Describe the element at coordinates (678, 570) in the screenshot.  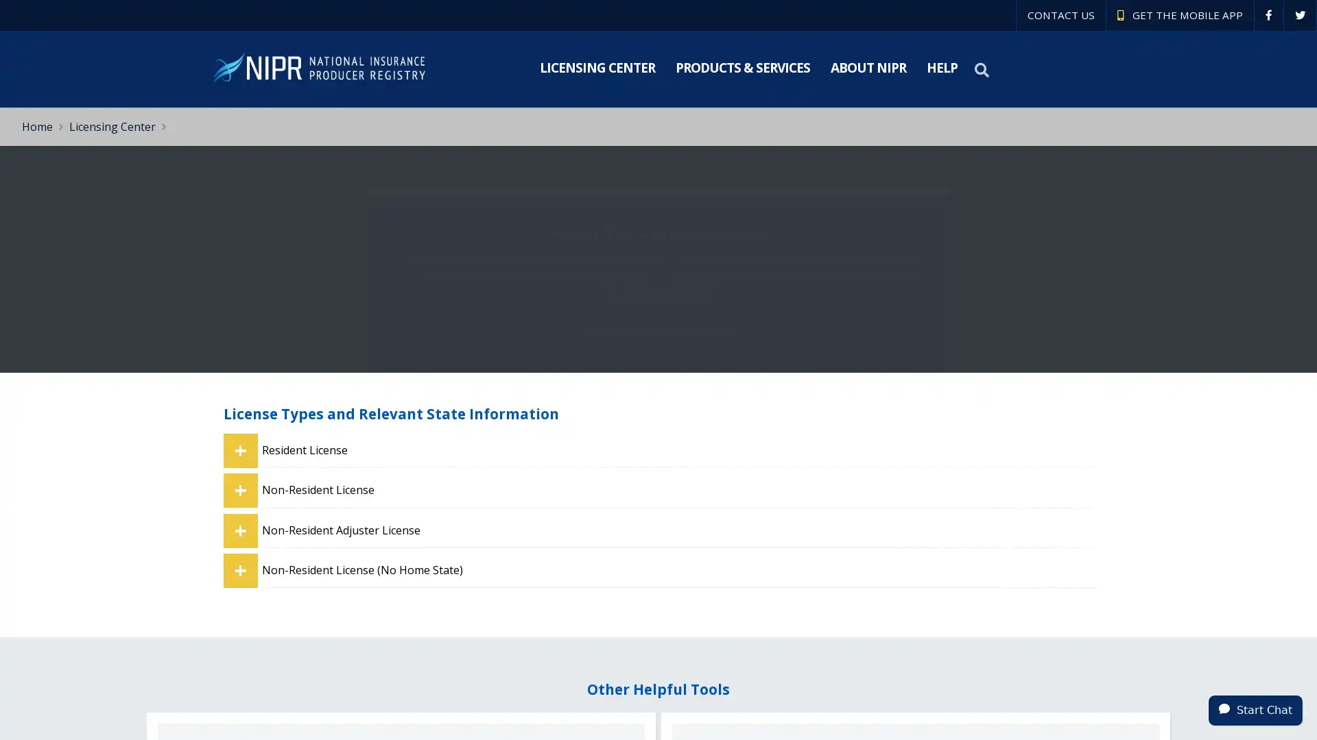
I see `Non-Resident License (No Home State)` at that location.